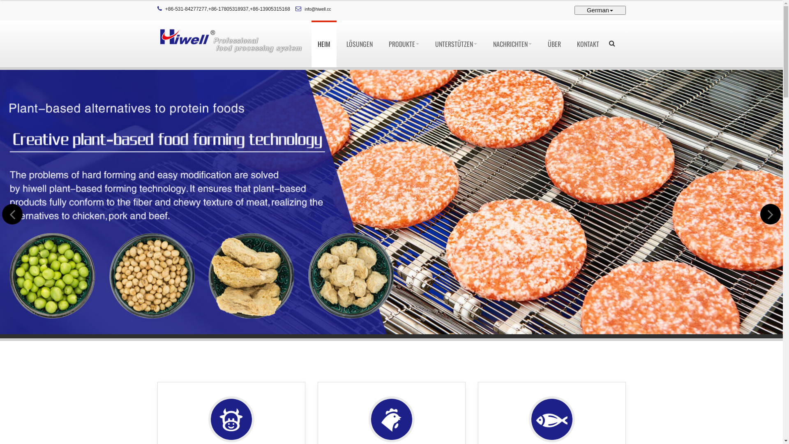 The image size is (789, 444). I want to click on 'HEIM', so click(323, 44).